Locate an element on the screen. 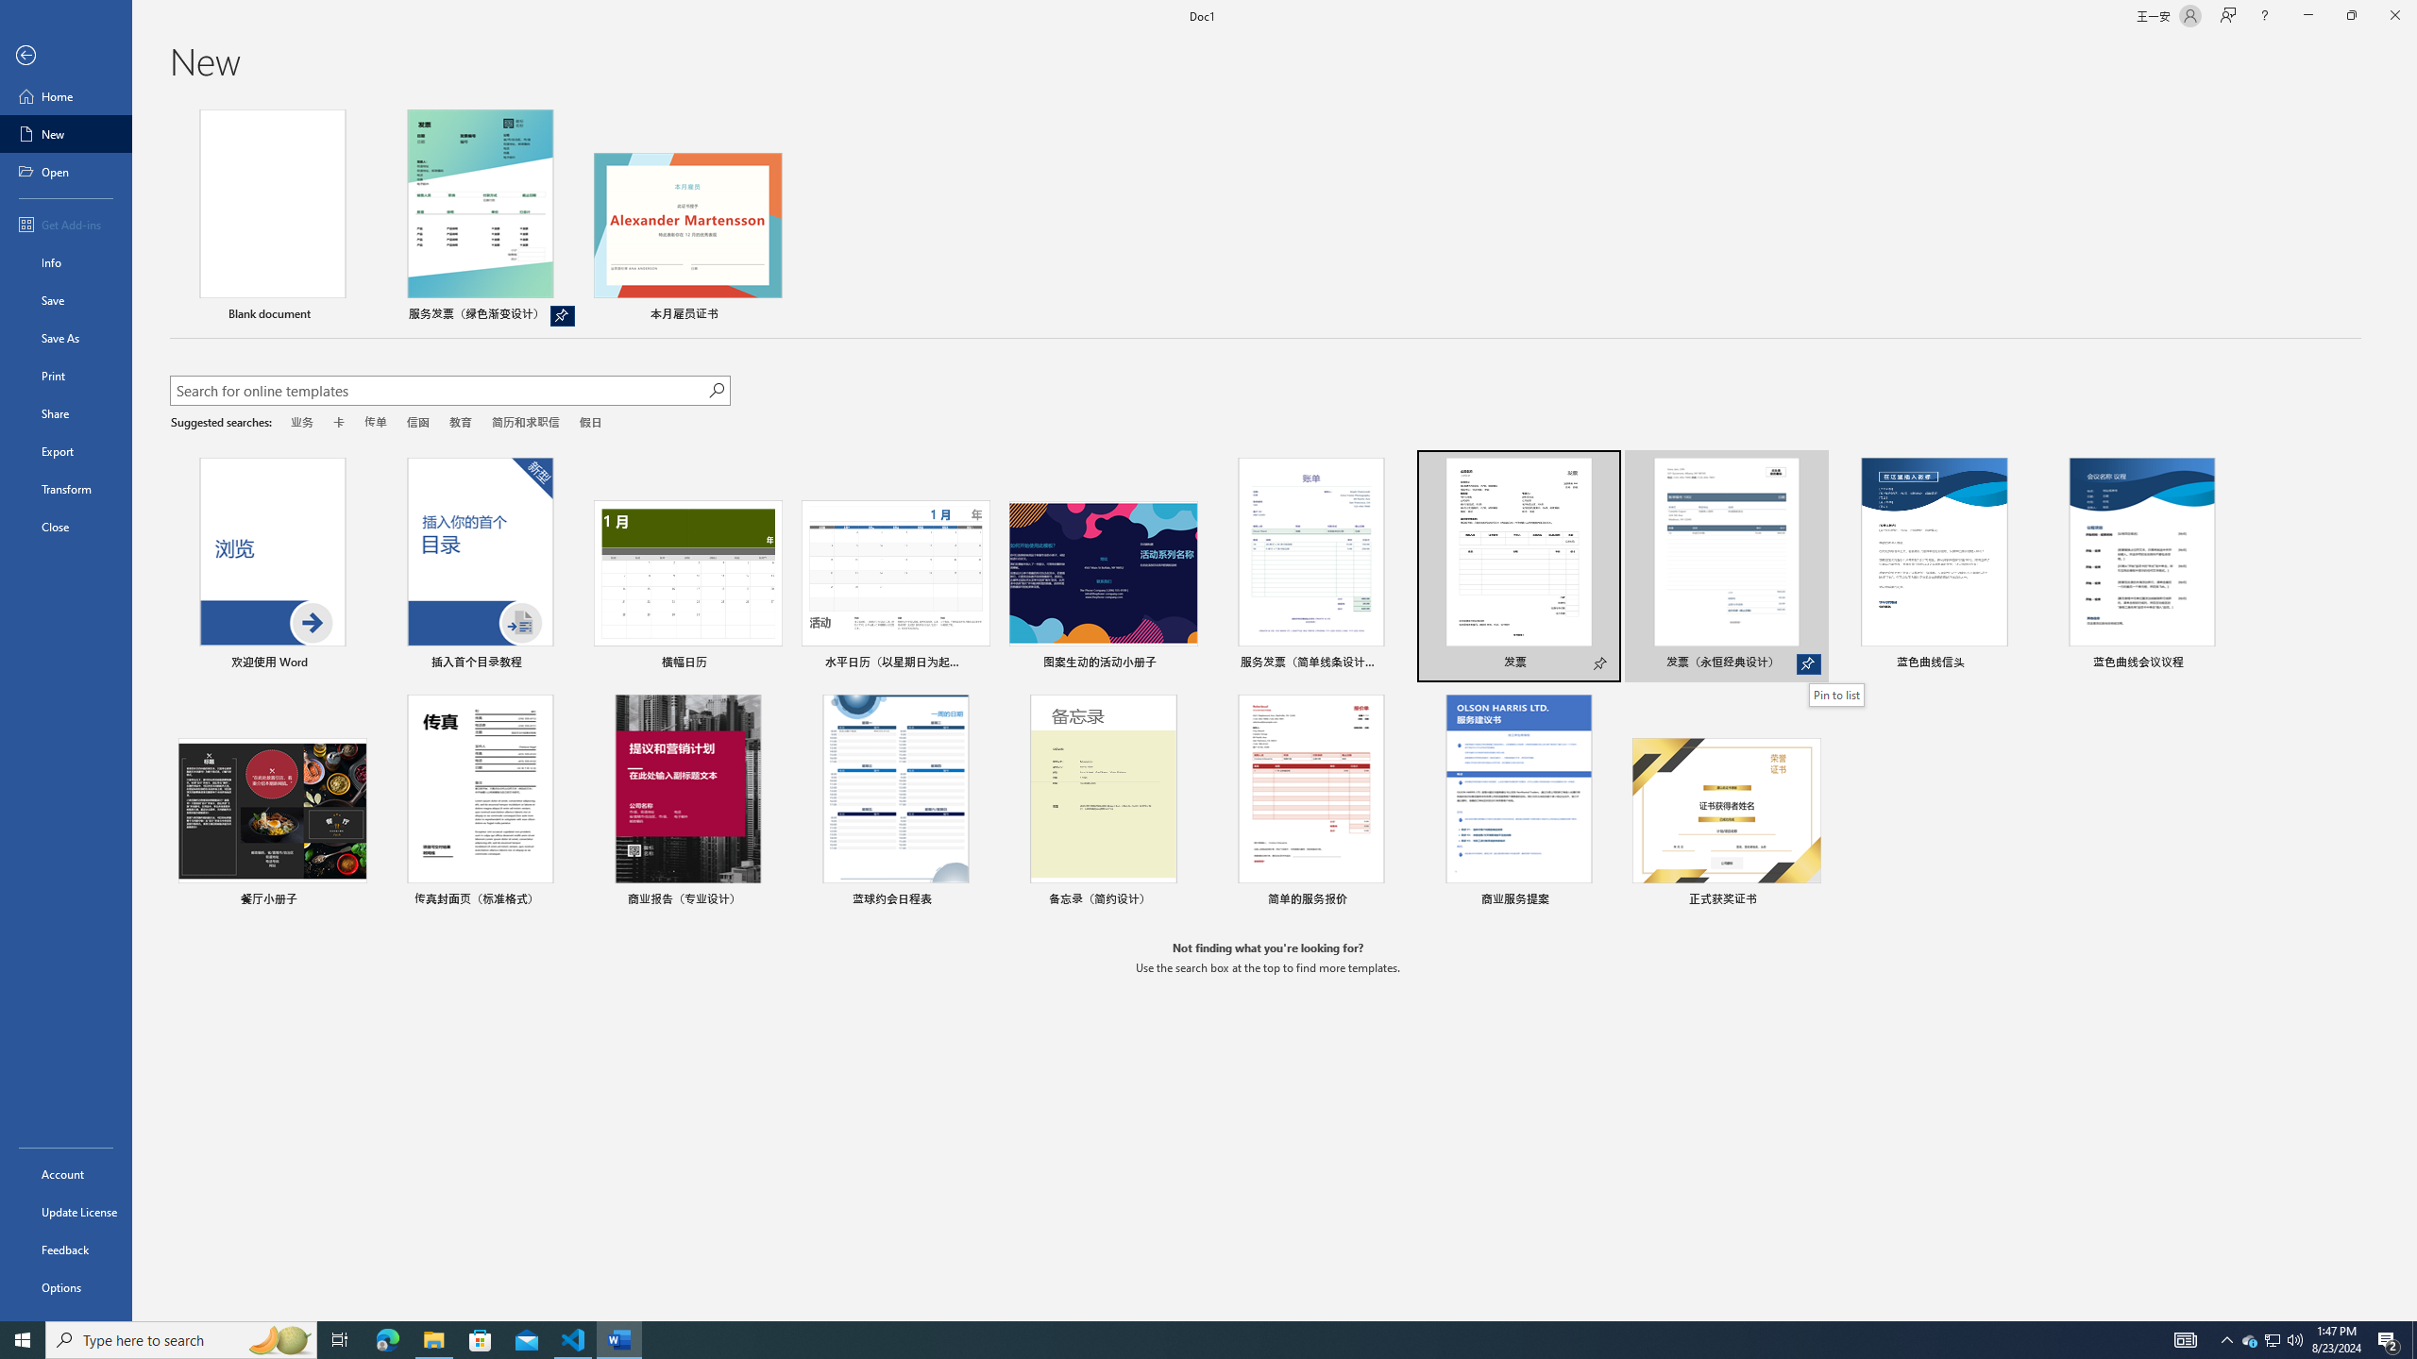  'Share' is located at coordinates (65, 411).